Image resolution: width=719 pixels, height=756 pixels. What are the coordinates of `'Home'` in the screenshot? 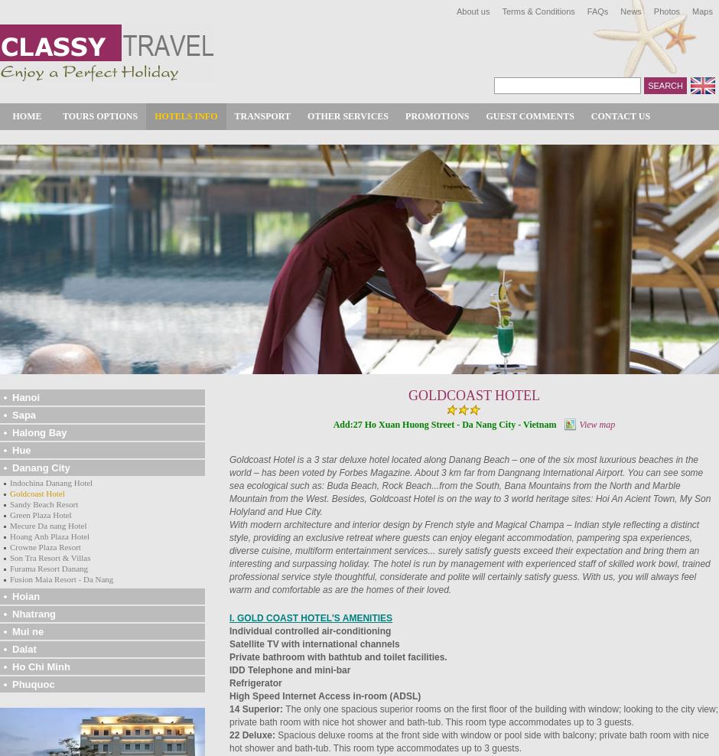 It's located at (26, 115).